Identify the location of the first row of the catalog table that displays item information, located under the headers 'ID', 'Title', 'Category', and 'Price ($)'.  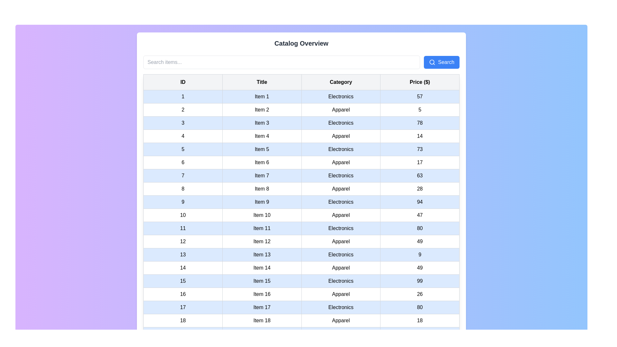
(301, 96).